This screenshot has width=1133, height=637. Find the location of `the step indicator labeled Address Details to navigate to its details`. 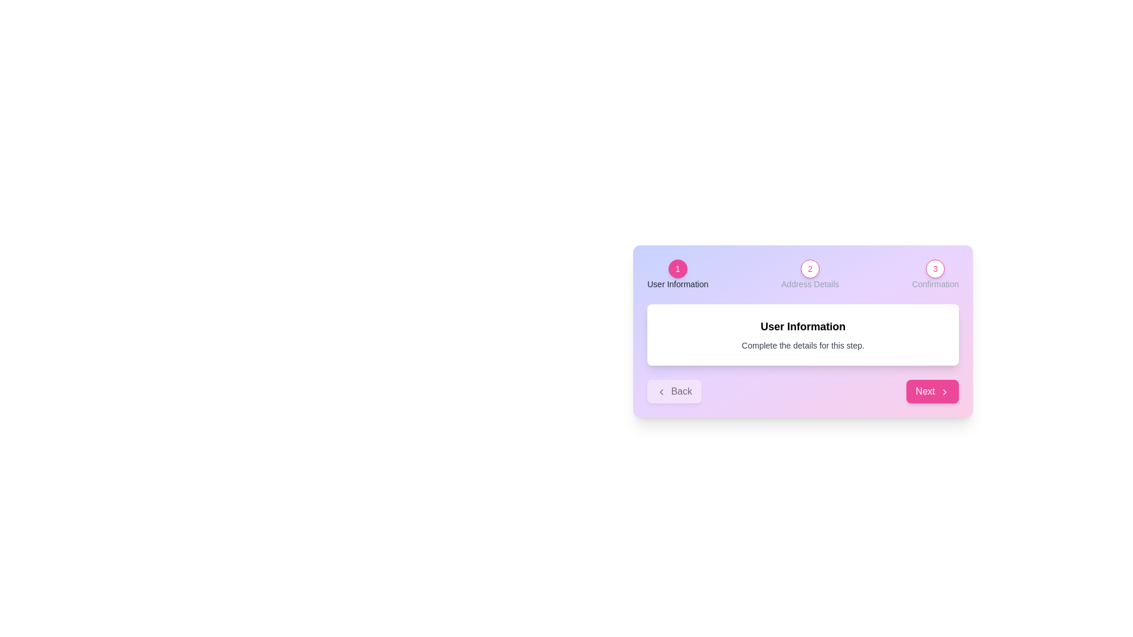

the step indicator labeled Address Details to navigate to its details is located at coordinates (809, 268).